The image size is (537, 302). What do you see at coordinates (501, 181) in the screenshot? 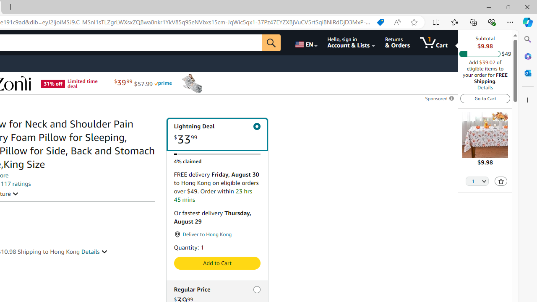
I see `'Delete'` at bounding box center [501, 181].